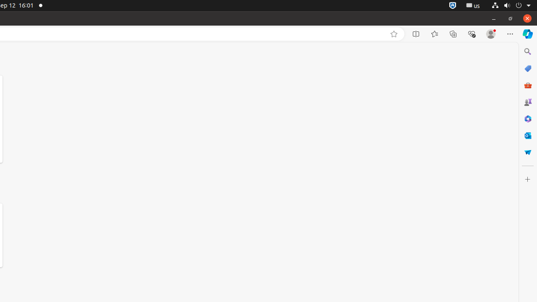 The height and width of the screenshot is (302, 537). I want to click on ':1.21/StatusNotifierItem', so click(473, 5).